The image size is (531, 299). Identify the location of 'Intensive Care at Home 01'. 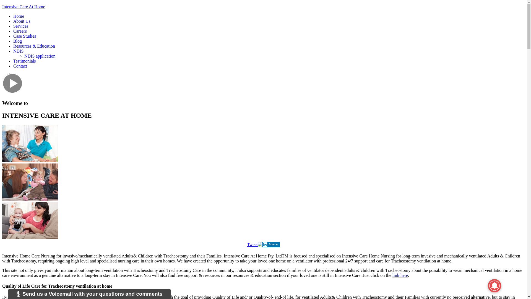
(2, 143).